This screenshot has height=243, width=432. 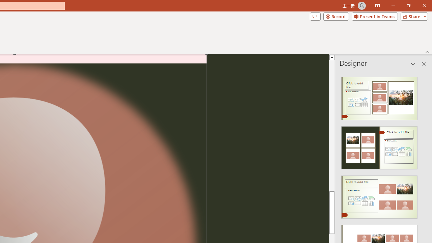 What do you see at coordinates (424, 64) in the screenshot?
I see `'Close pane'` at bounding box center [424, 64].